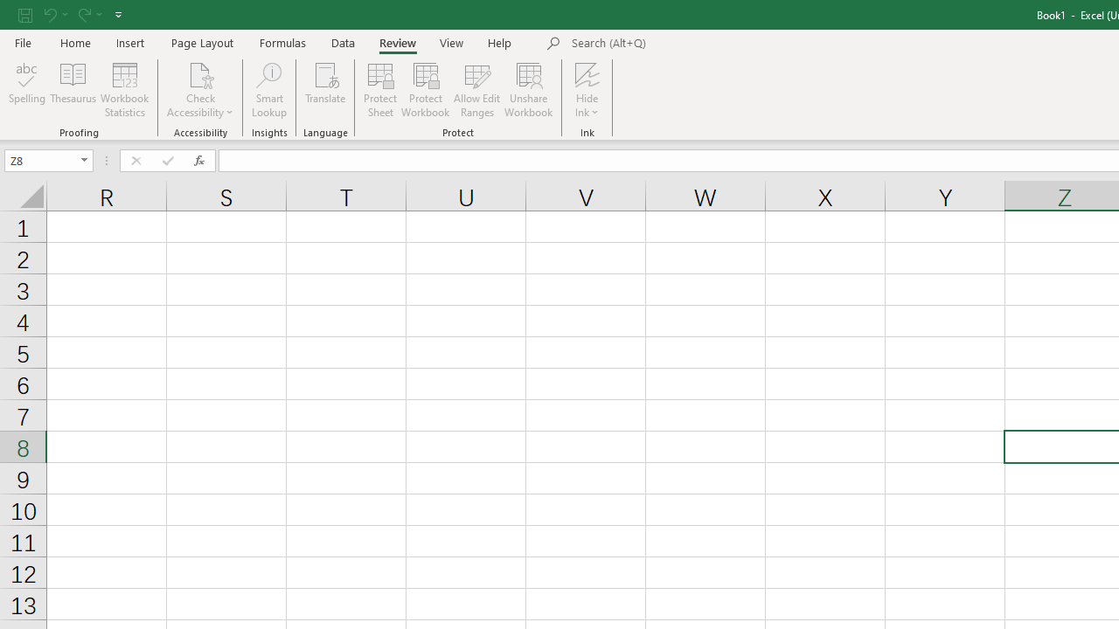  What do you see at coordinates (325, 90) in the screenshot?
I see `'Translate'` at bounding box center [325, 90].